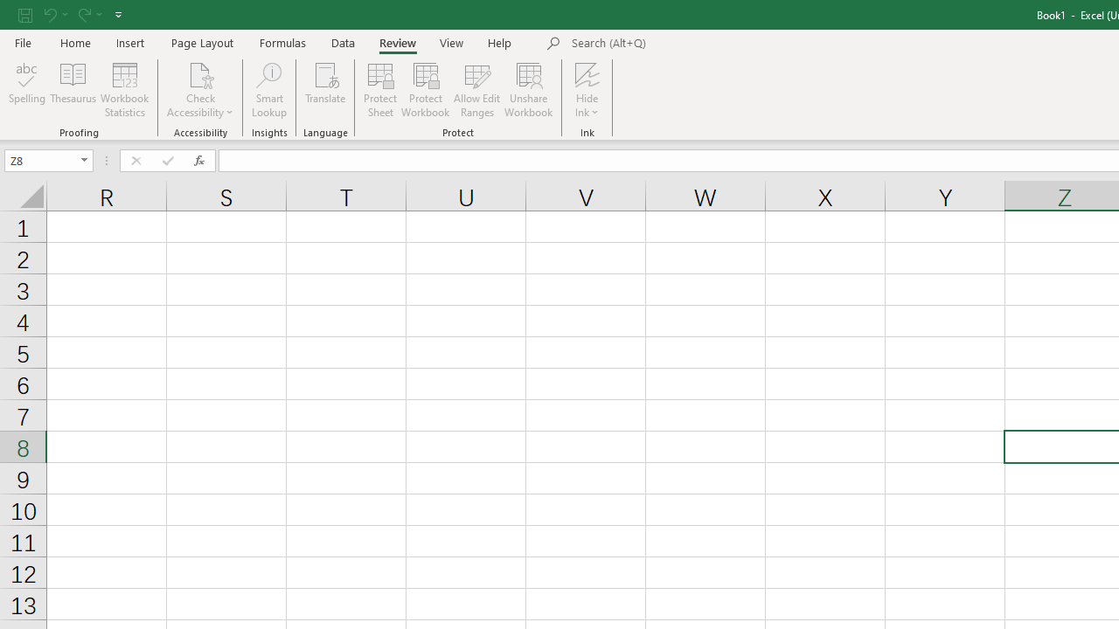  What do you see at coordinates (325, 90) in the screenshot?
I see `'Translate'` at bounding box center [325, 90].